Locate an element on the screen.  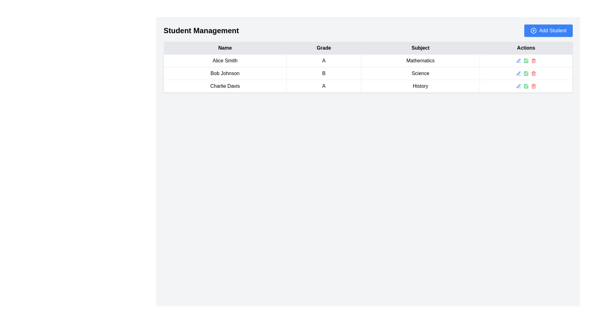
the delete button in the 'Actions' column of the second row of the table is located at coordinates (533, 73).